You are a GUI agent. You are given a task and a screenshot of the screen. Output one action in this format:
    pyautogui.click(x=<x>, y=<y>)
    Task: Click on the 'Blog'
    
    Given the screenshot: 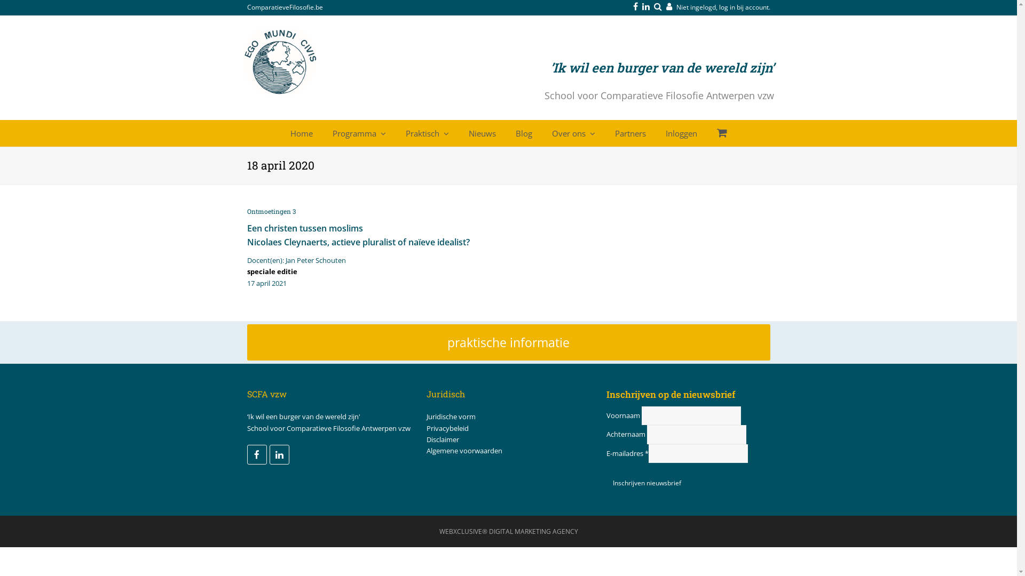 What is the action you would take?
    pyautogui.click(x=523, y=133)
    